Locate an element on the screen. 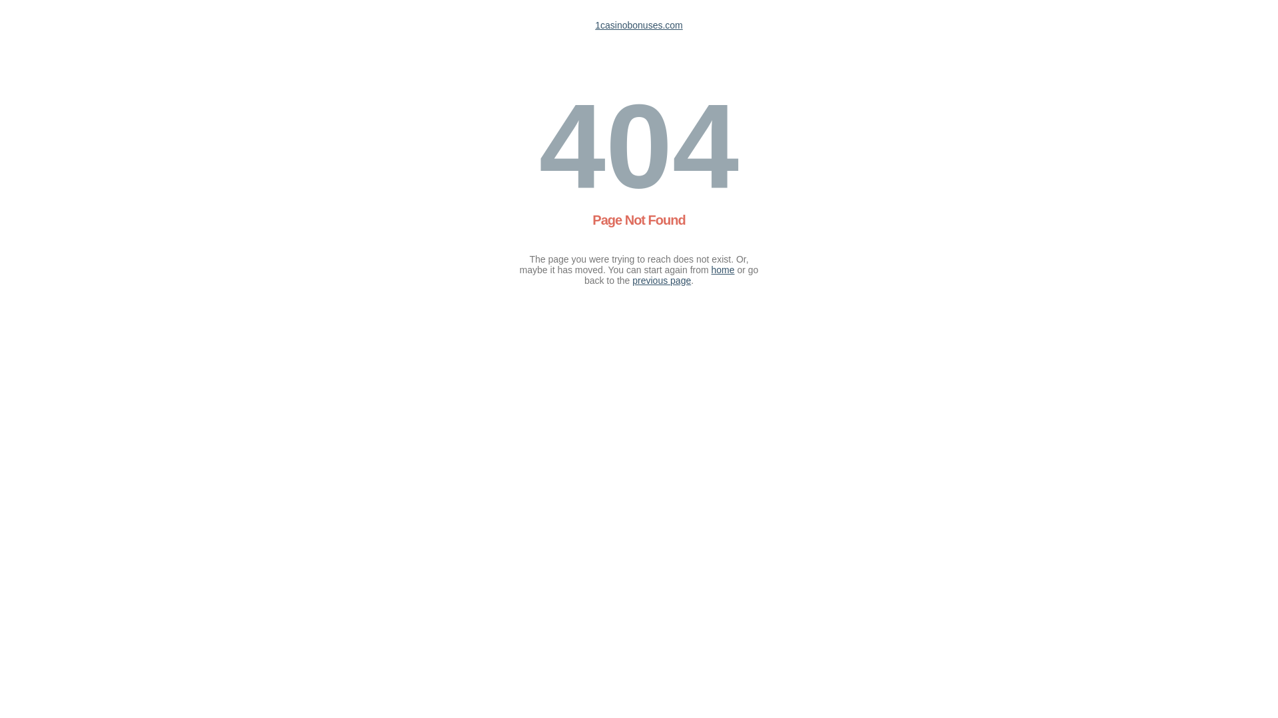 This screenshot has width=1278, height=718. '1casinobonuses.com' is located at coordinates (639, 25).